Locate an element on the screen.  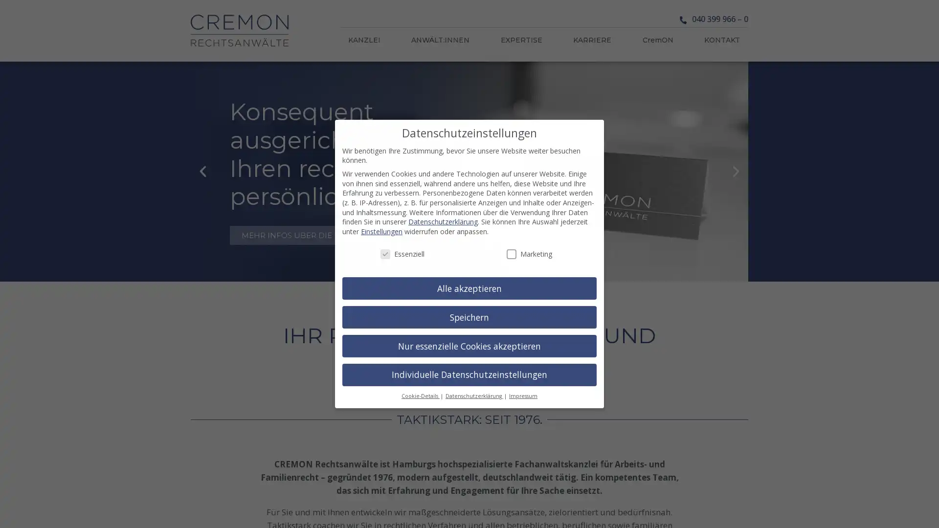
Cookie-Details is located at coordinates (420, 396).